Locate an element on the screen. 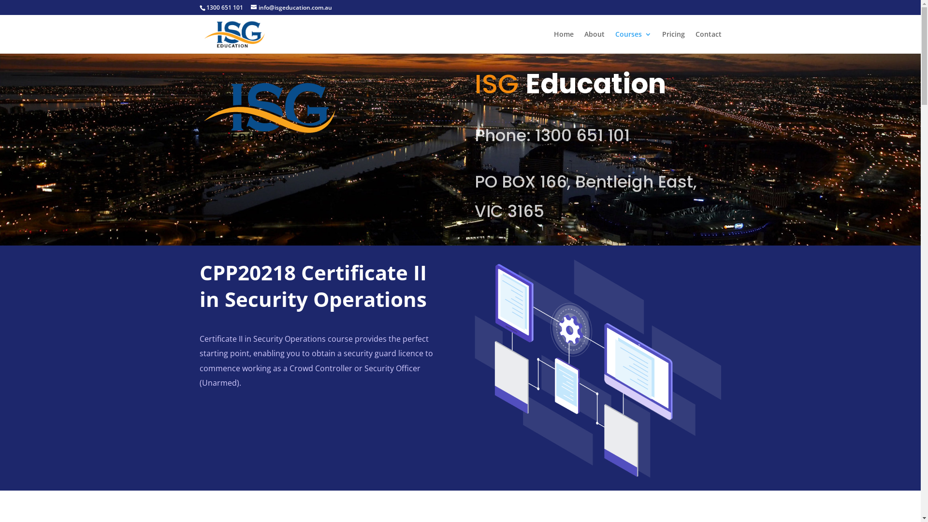  'About' is located at coordinates (593, 42).